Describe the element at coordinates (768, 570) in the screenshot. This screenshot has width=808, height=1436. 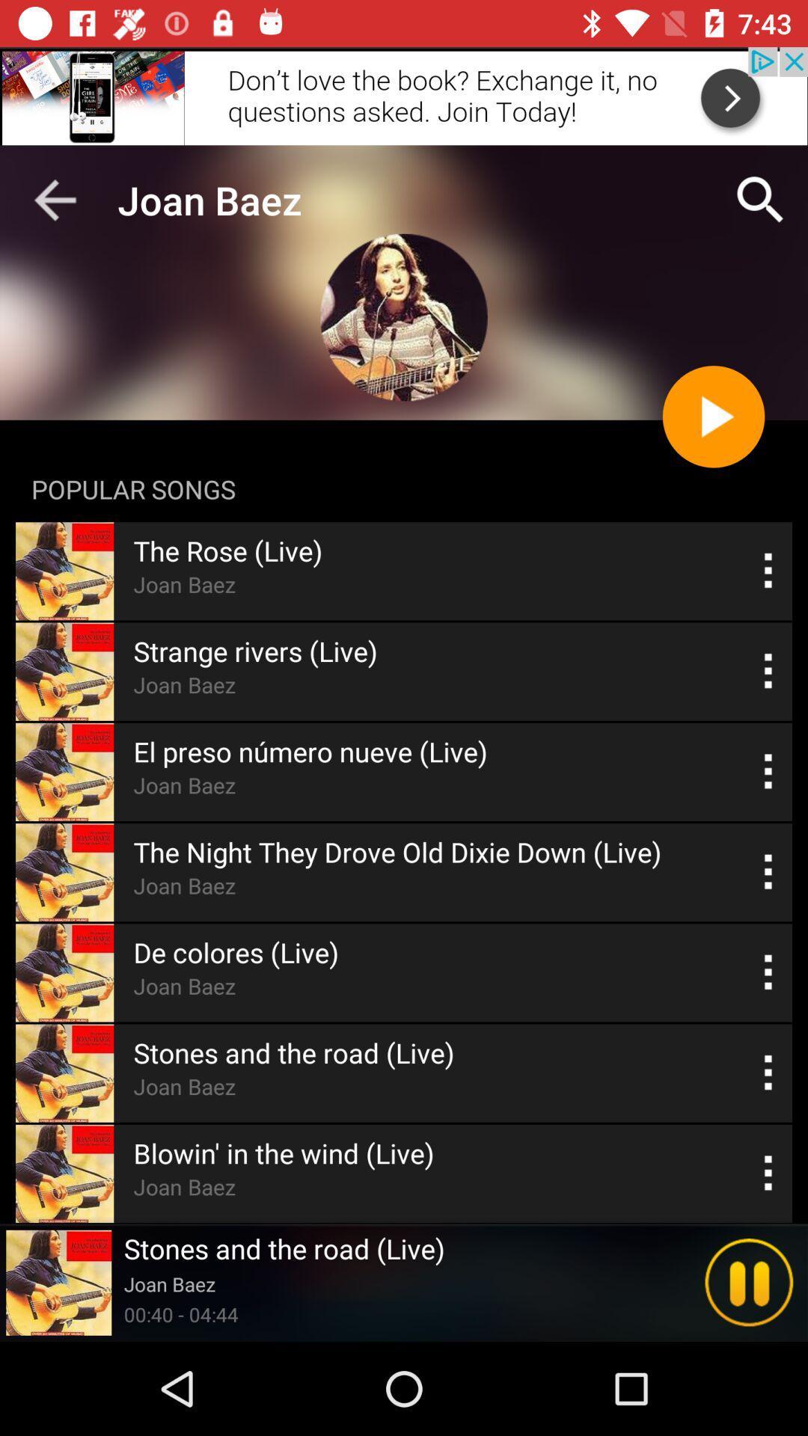
I see `the more icon` at that location.